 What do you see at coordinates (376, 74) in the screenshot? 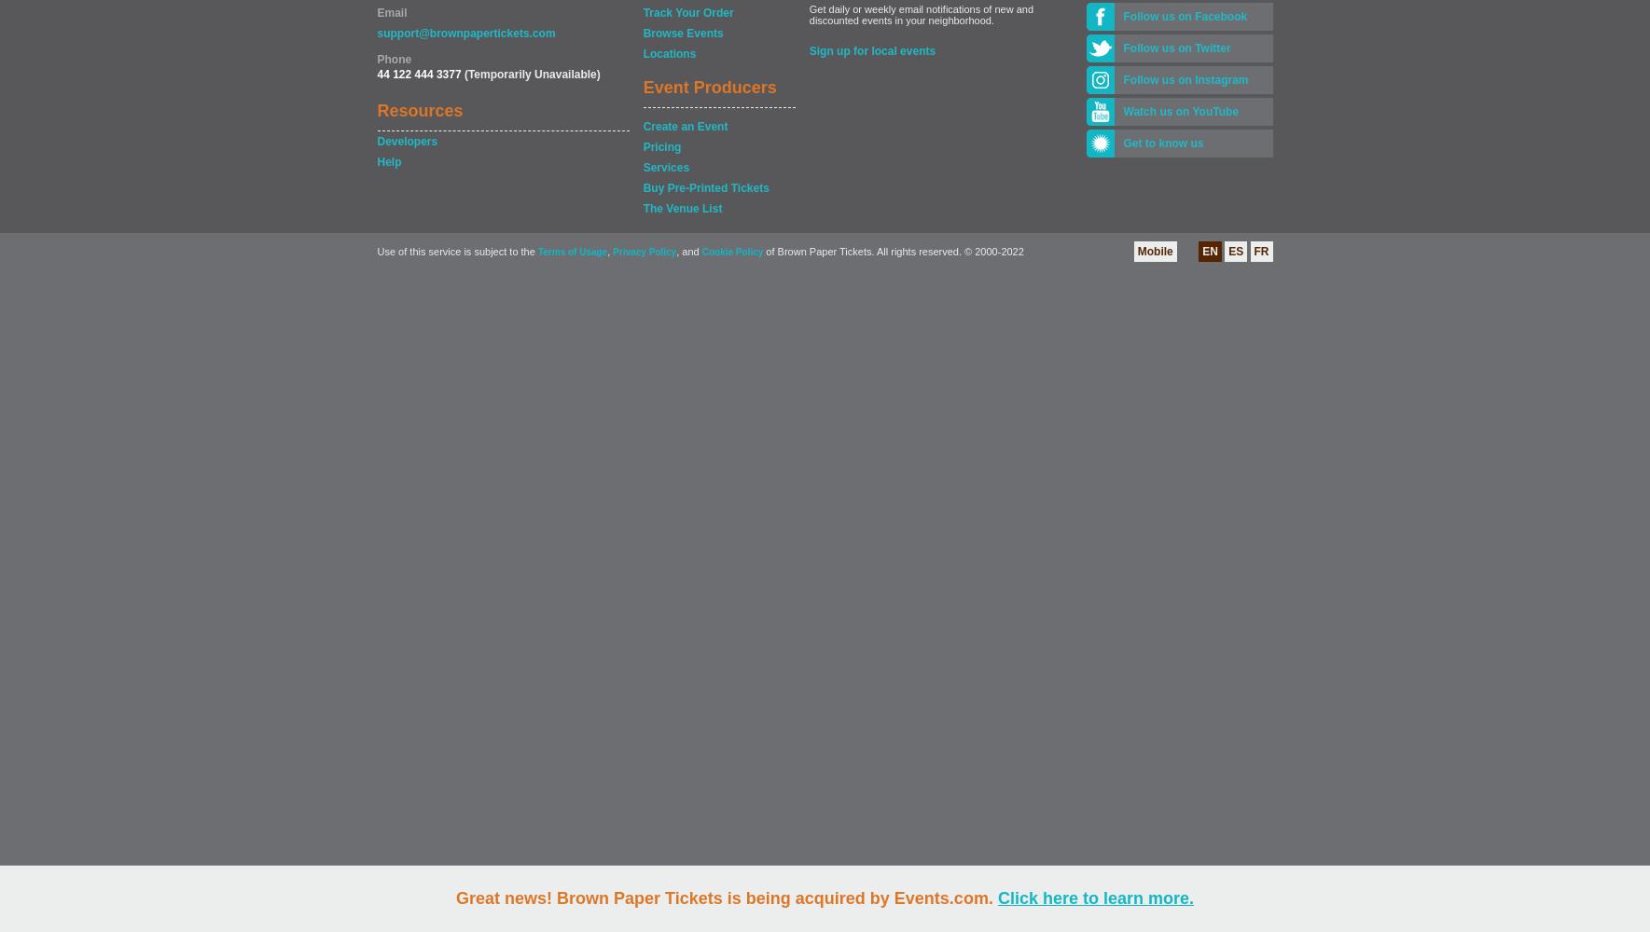
I see `'44 122 444 3377'` at bounding box center [376, 74].